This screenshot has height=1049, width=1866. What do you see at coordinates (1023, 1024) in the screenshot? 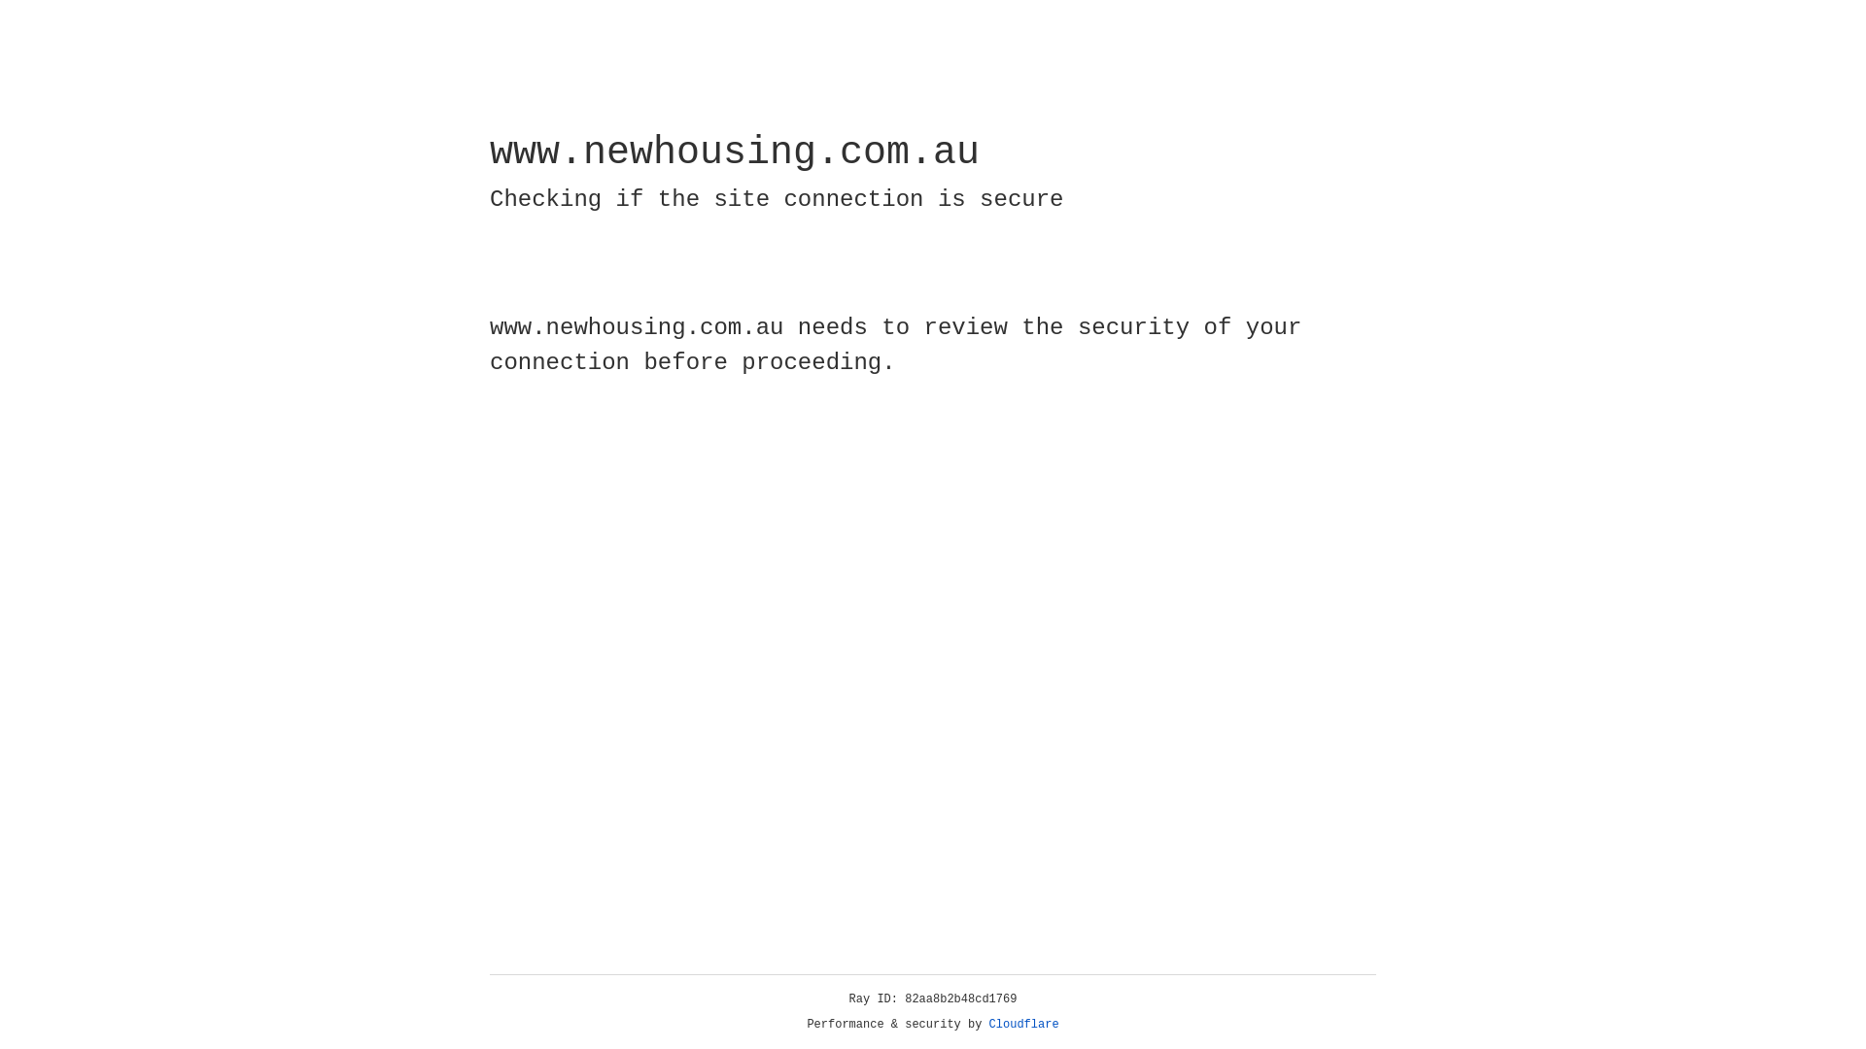
I see `'Cloudflare'` at bounding box center [1023, 1024].